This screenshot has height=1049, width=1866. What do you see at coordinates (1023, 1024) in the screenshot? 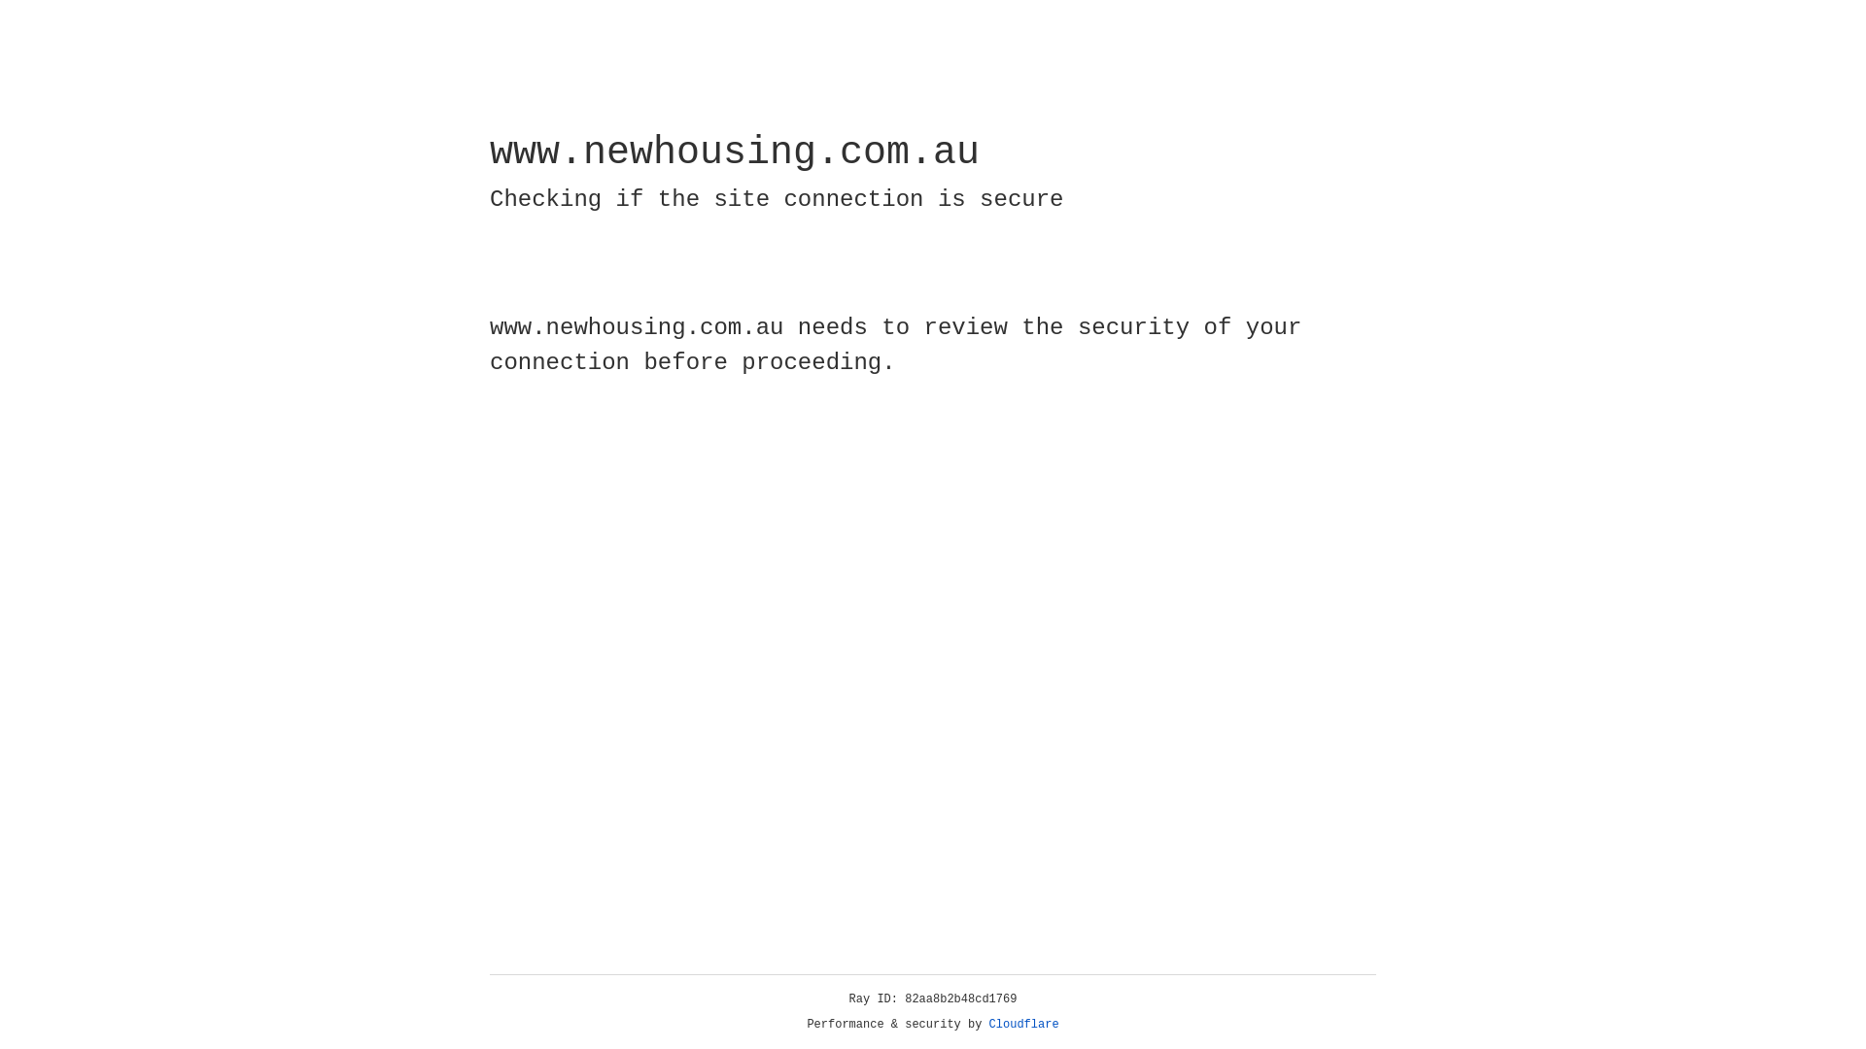
I see `'Cloudflare'` at bounding box center [1023, 1024].